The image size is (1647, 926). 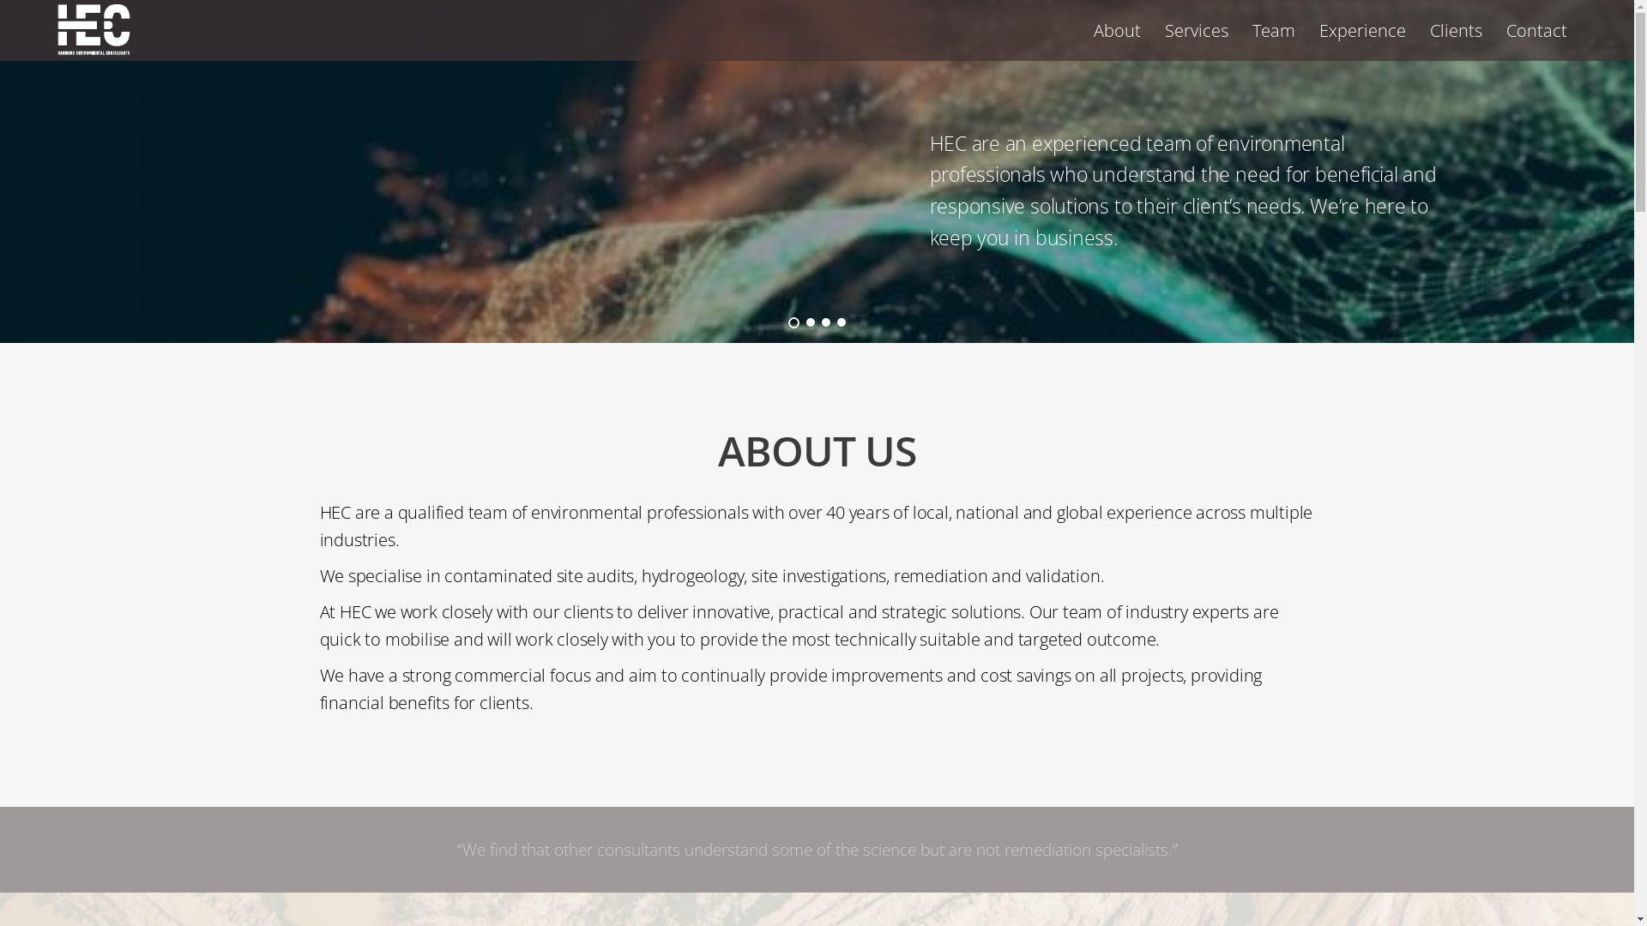 What do you see at coordinates (1196, 30) in the screenshot?
I see `'Services'` at bounding box center [1196, 30].